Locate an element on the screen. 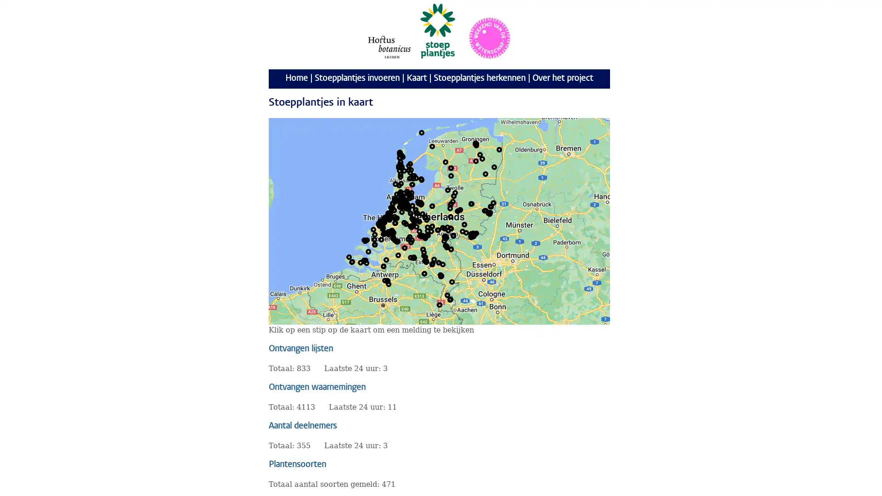  Telling van A op 21 maart 2022 is located at coordinates (383, 227).